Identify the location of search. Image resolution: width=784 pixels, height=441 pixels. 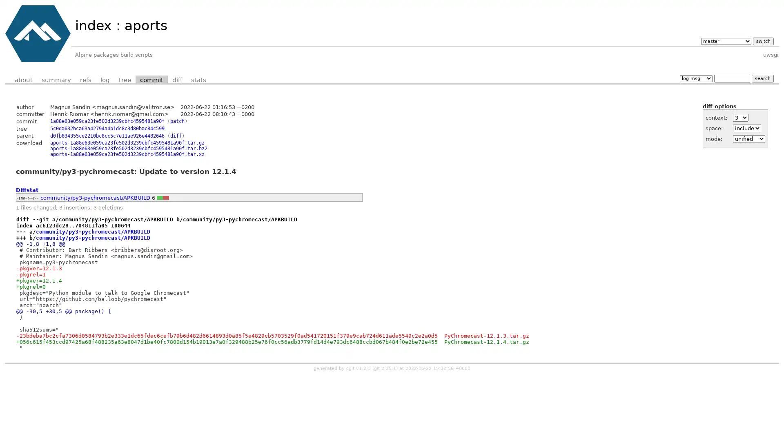
(762, 78).